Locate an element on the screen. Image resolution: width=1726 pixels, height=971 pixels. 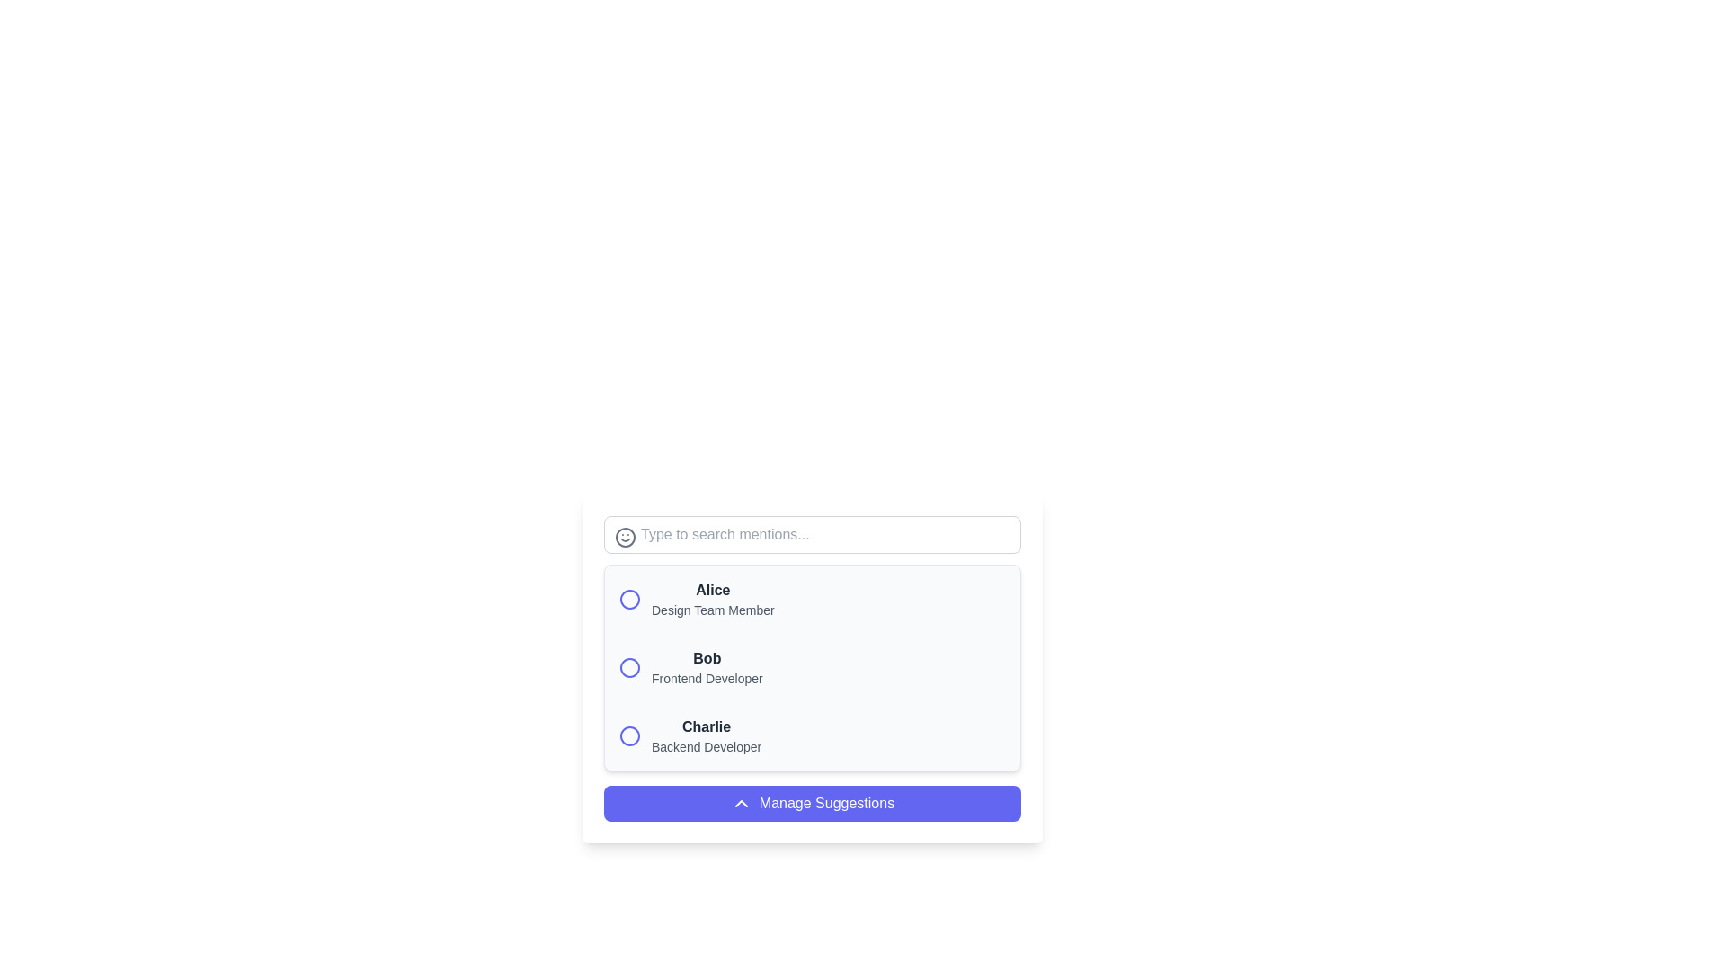
the indigo circular SVG element with a stroke, located next to the text block labeled 'Charlie, Backend Developer' in a vertical list is located at coordinates (629, 735).